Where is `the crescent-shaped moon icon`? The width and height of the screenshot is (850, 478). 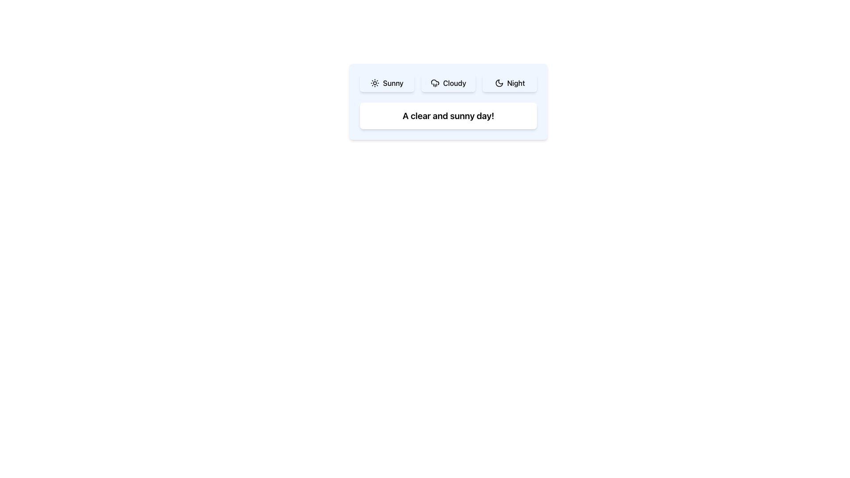 the crescent-shaped moon icon is located at coordinates (499, 83).